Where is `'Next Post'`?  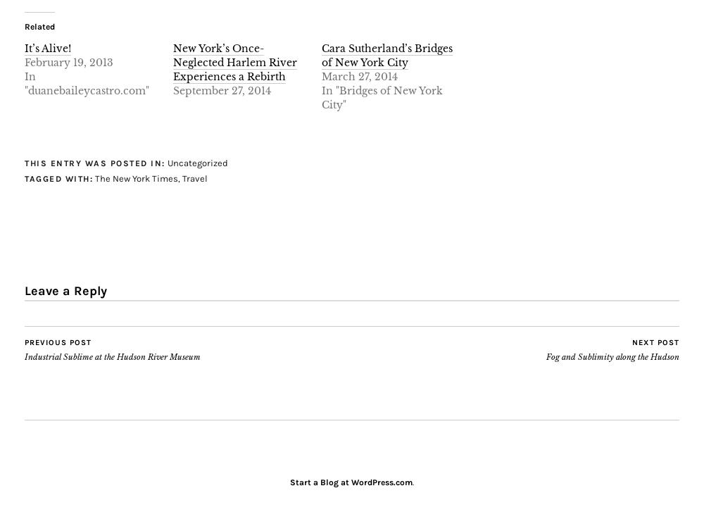 'Next Post' is located at coordinates (655, 342).